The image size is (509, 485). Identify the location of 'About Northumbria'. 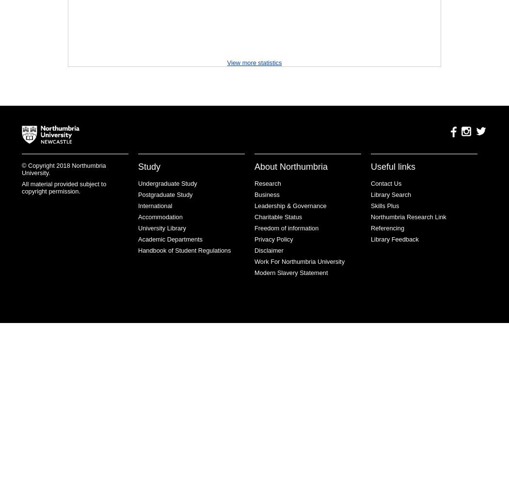
(291, 166).